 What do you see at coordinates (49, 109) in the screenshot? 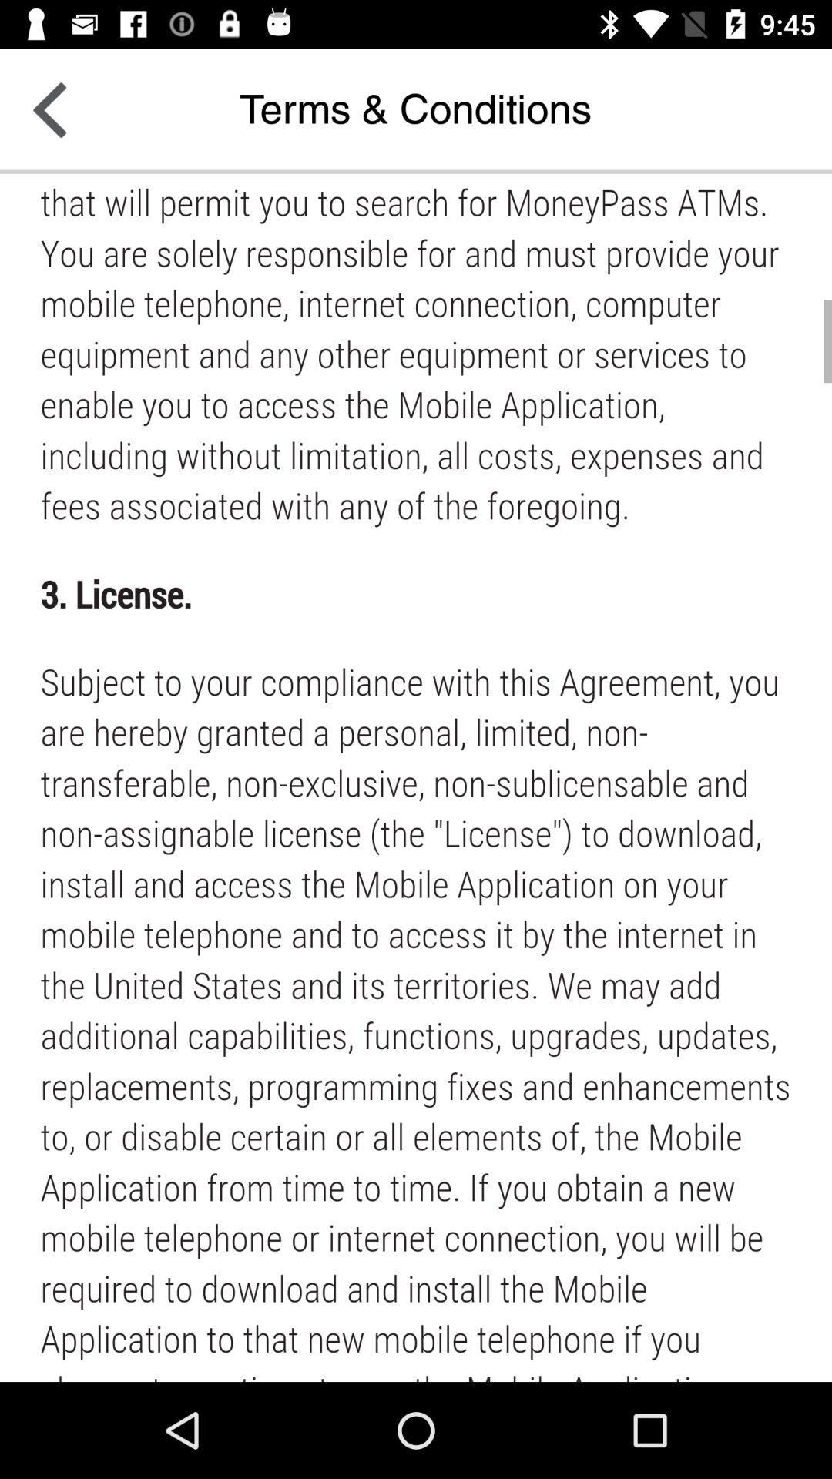
I see `the arrow_backward icon` at bounding box center [49, 109].